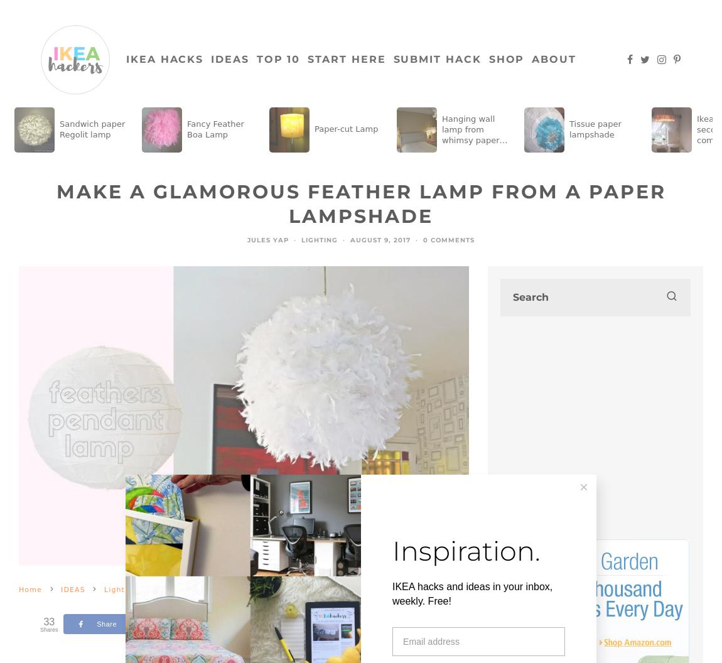 The height and width of the screenshot is (663, 722). I want to click on 'Flip', so click(347, 622).